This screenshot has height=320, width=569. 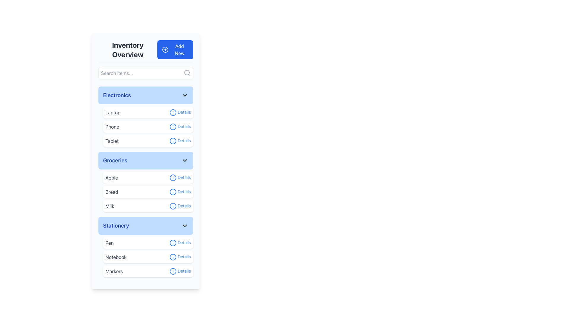 I want to click on the interactive text link for 'Apple' located in the 'Groceries' section, so click(x=180, y=177).